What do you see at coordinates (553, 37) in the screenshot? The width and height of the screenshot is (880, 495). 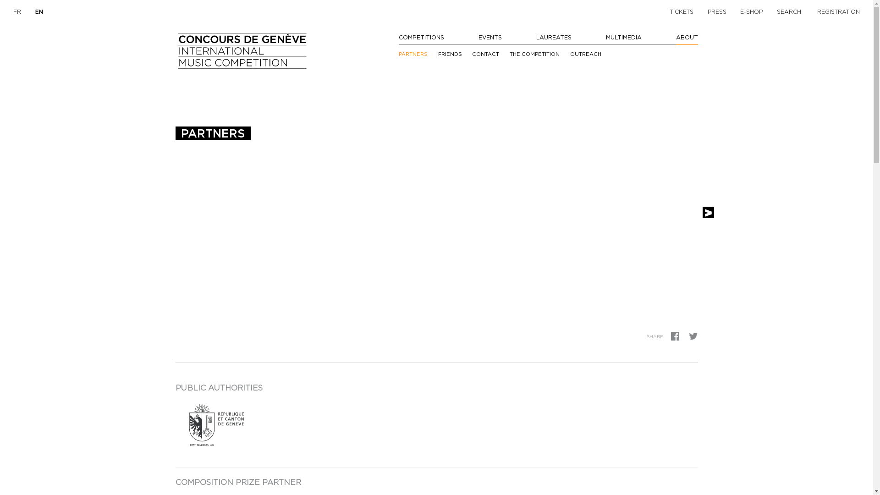 I see `'LAUREATES'` at bounding box center [553, 37].